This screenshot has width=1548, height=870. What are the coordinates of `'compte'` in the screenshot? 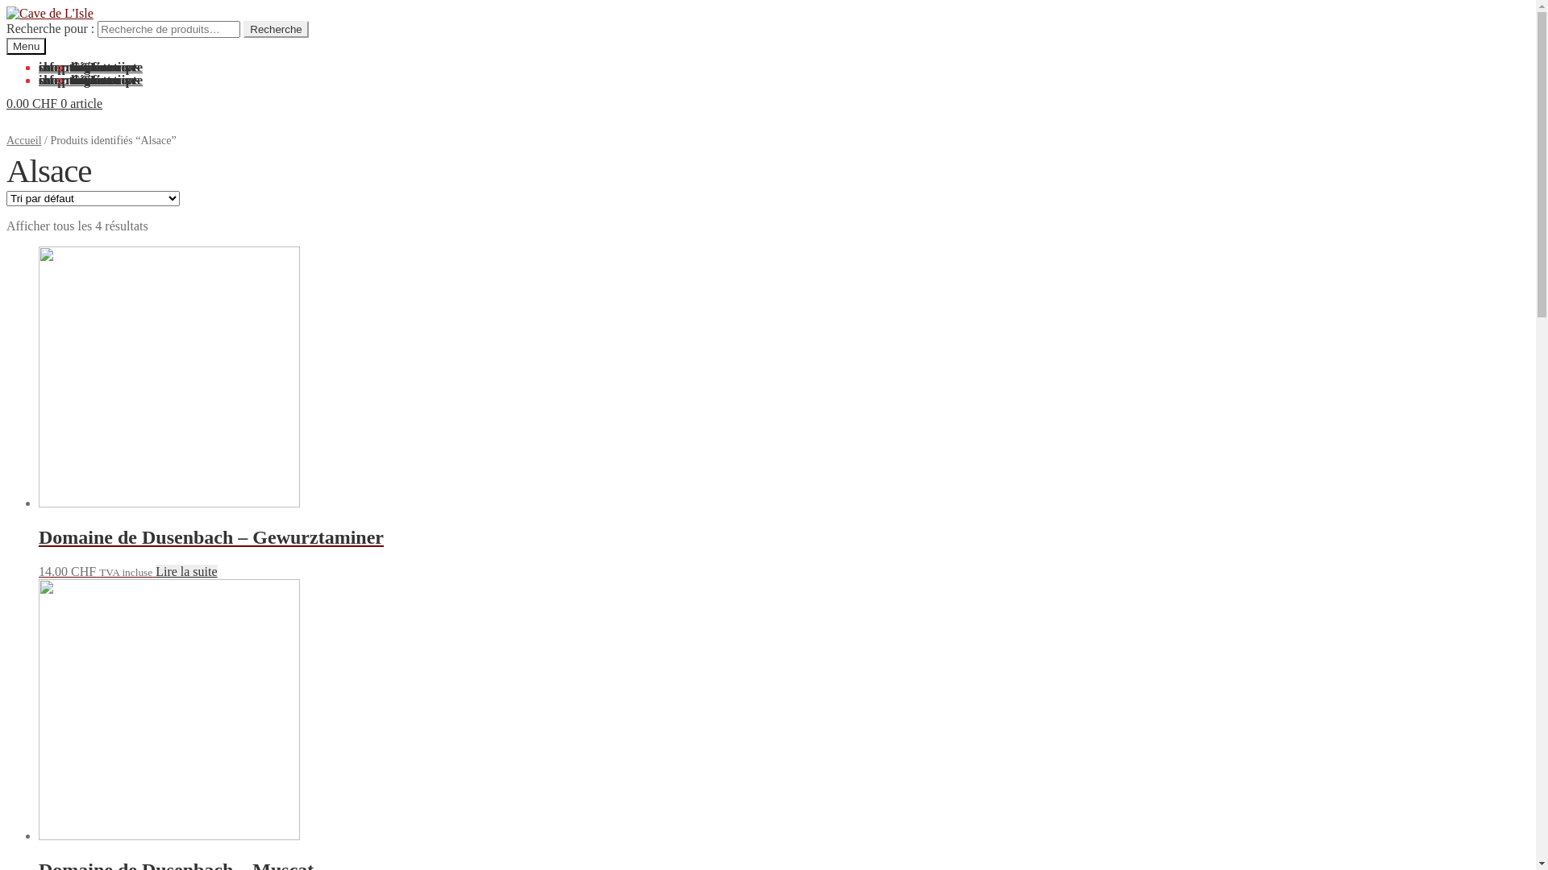 It's located at (58, 66).